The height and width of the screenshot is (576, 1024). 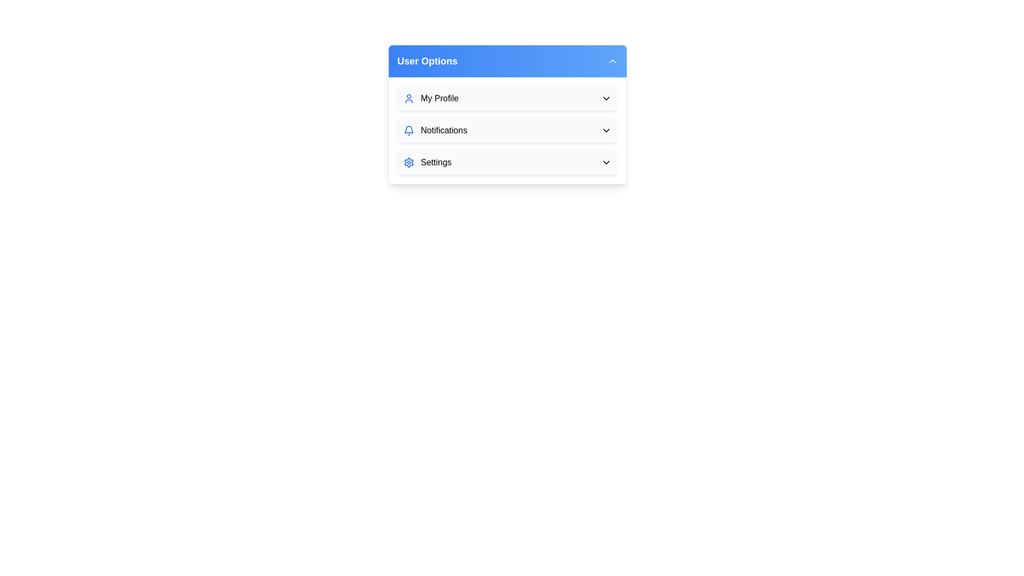 What do you see at coordinates (507, 130) in the screenshot?
I see `the dropdown beside 'Notifications' in the vertically stacked list of user options` at bounding box center [507, 130].